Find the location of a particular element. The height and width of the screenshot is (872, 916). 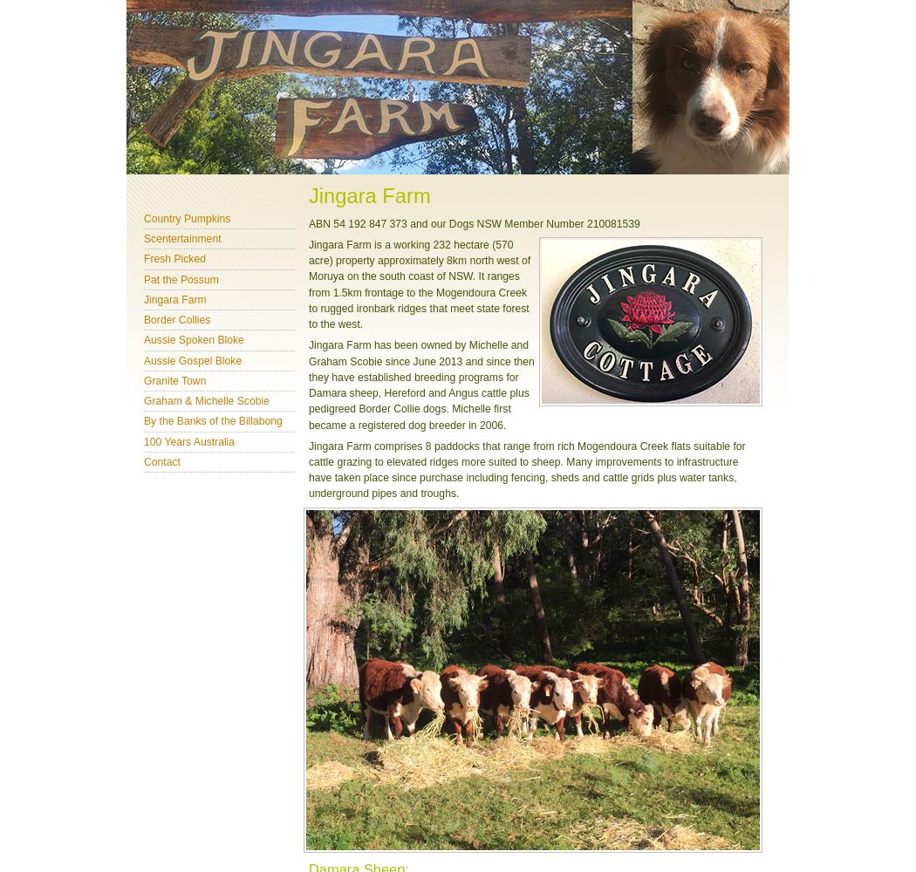

'By the Banks of the Billabong' is located at coordinates (213, 420).